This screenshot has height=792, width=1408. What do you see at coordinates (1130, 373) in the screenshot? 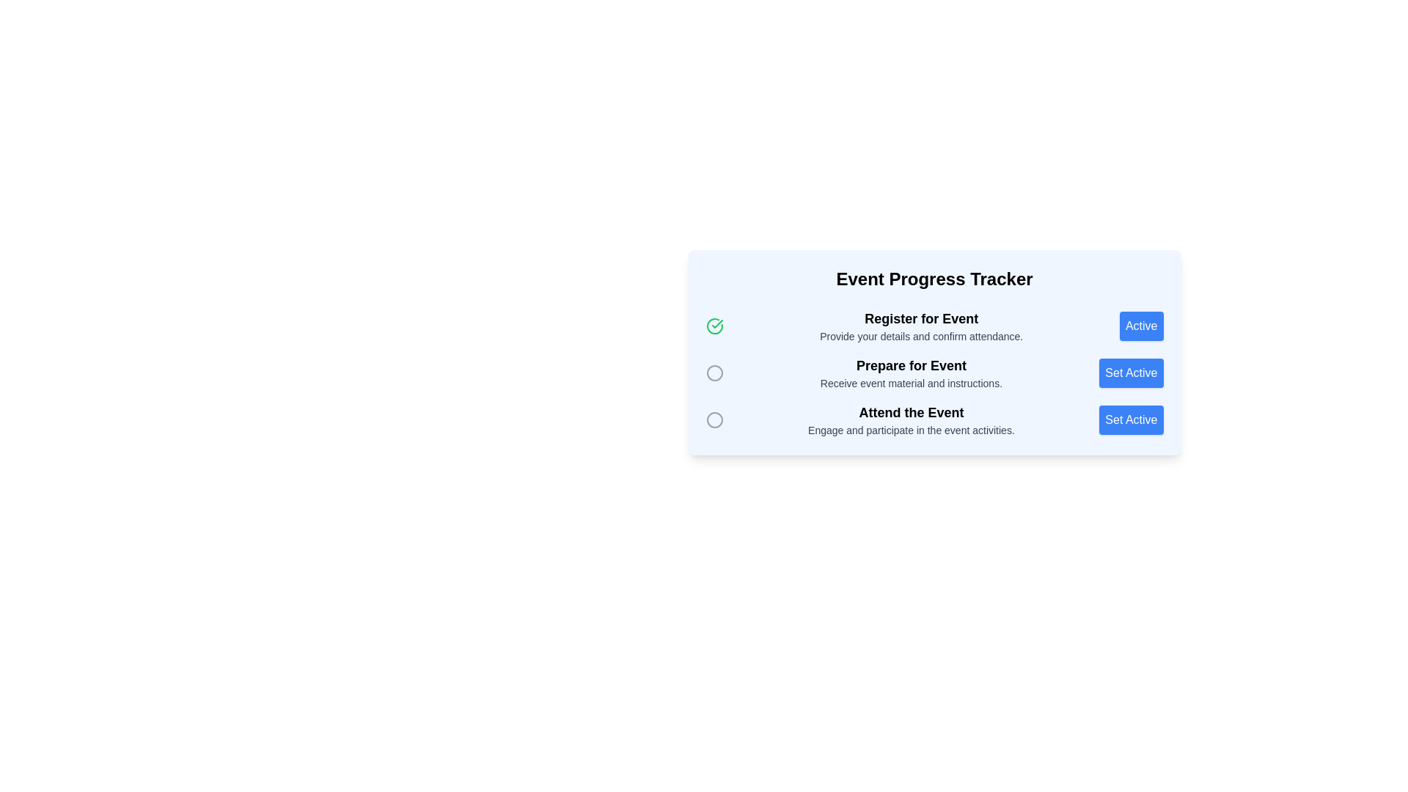
I see `the second button in the 'Prepare for Event' section of the 'Event Progress Tracker' card` at bounding box center [1130, 373].